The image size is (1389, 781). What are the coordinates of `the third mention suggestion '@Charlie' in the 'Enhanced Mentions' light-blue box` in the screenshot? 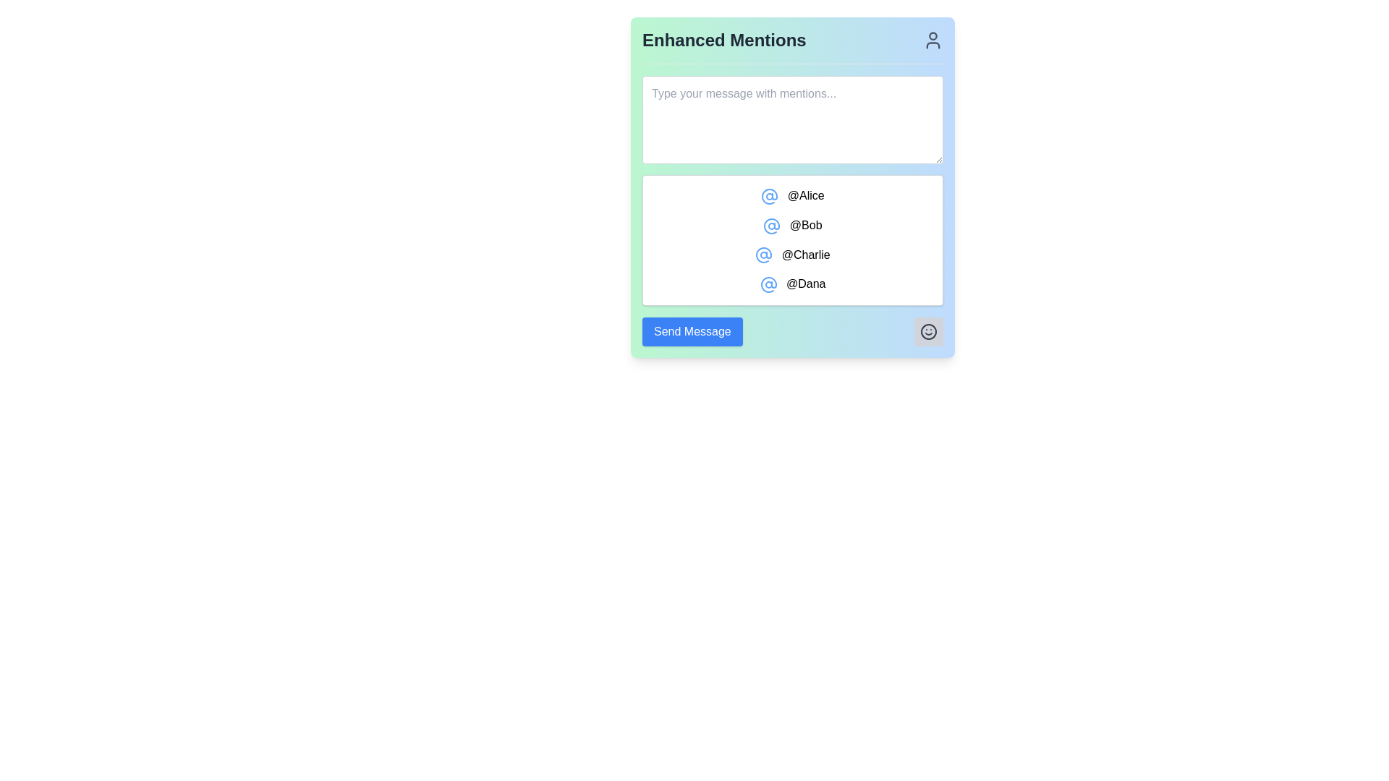 It's located at (791, 253).